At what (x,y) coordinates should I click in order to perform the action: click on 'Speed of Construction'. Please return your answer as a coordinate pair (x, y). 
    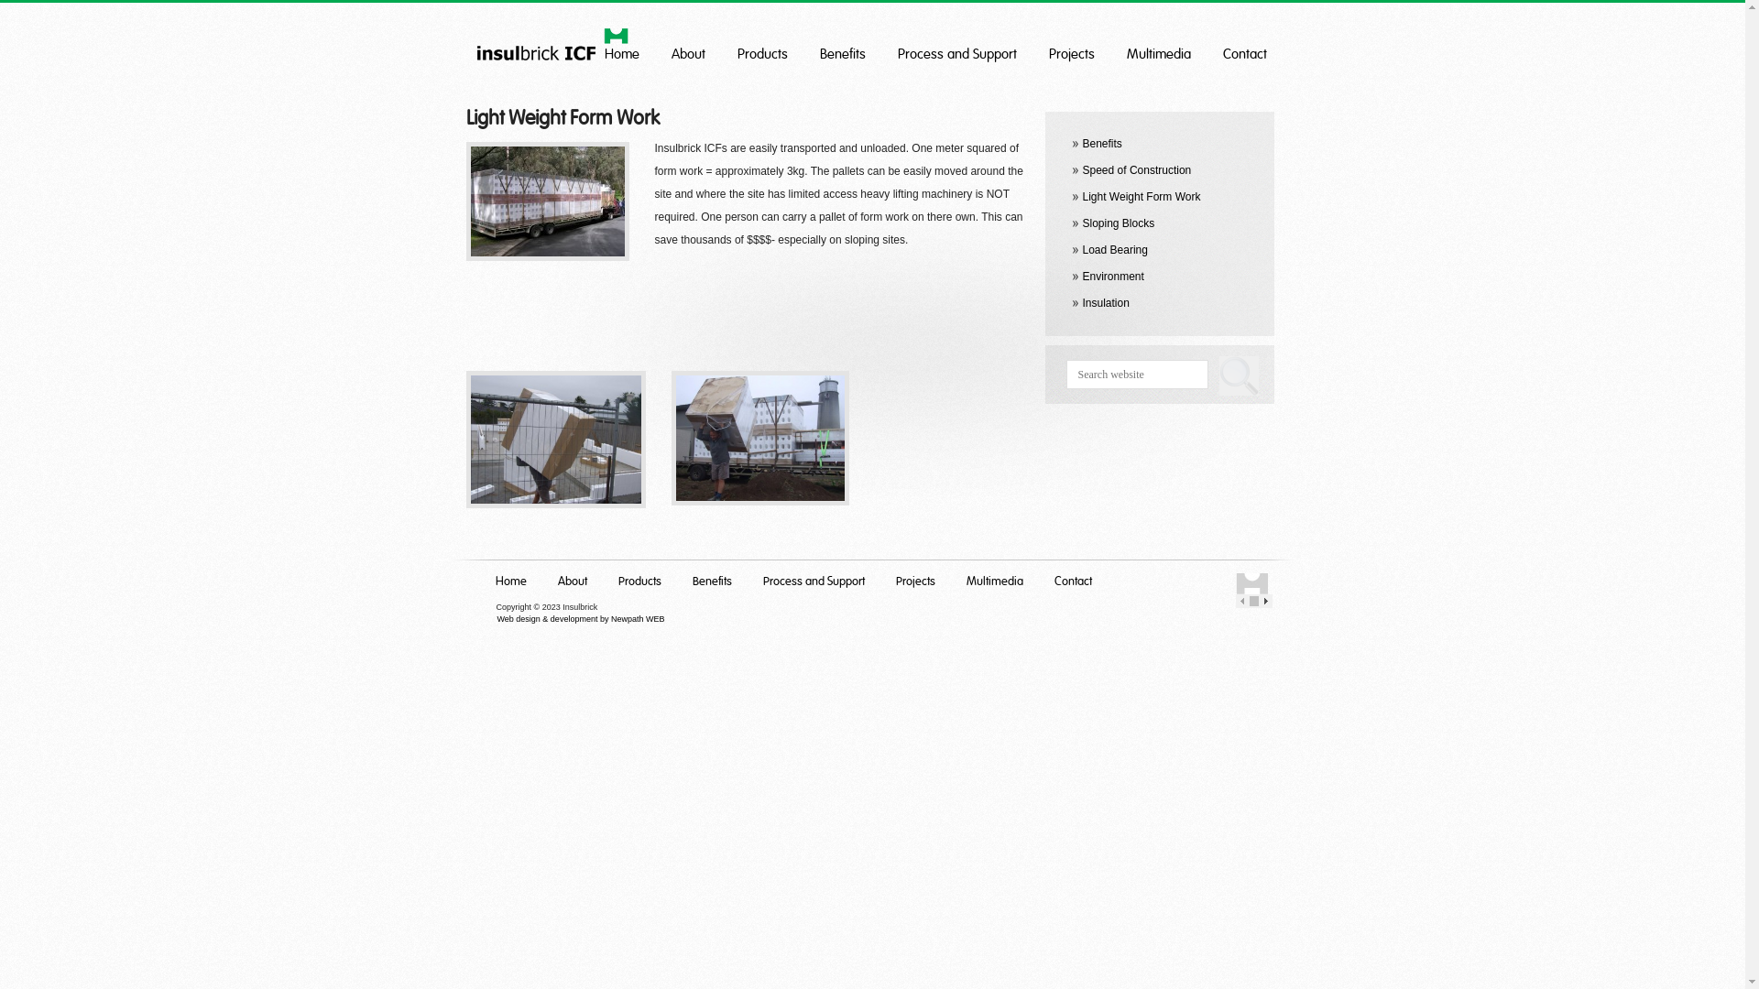
    Looking at the image, I should click on (1136, 169).